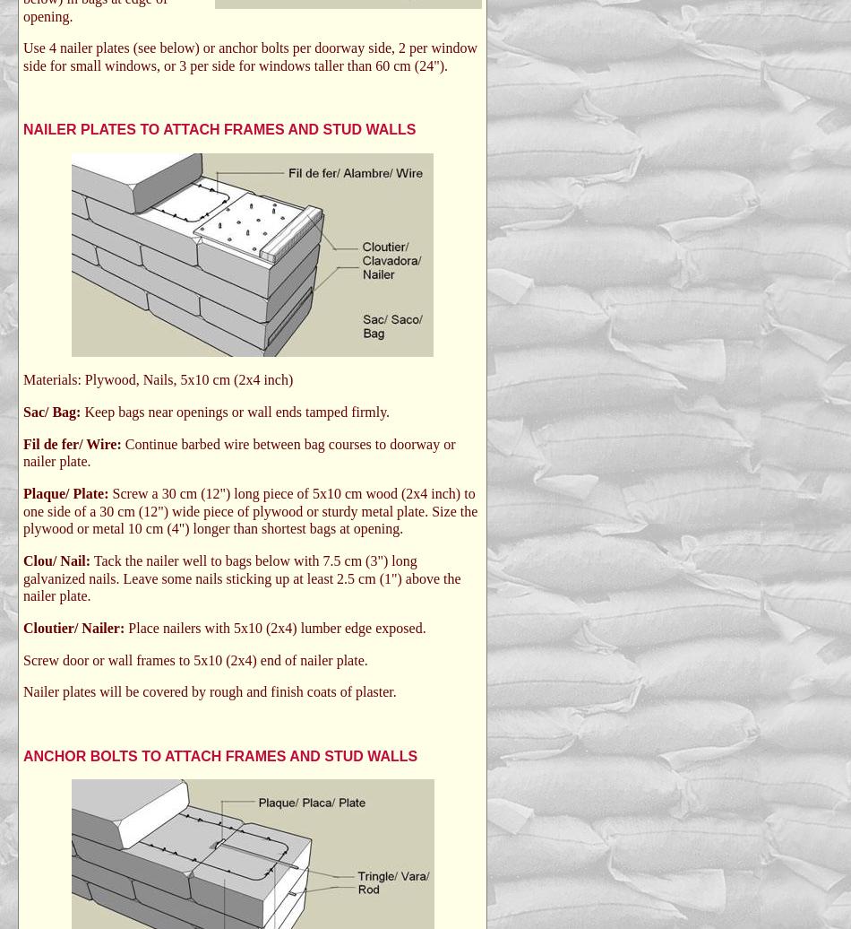  What do you see at coordinates (195, 659) in the screenshot?
I see `'Screw door or wall frames to 5x10 (2x4) end of nailer plate.'` at bounding box center [195, 659].